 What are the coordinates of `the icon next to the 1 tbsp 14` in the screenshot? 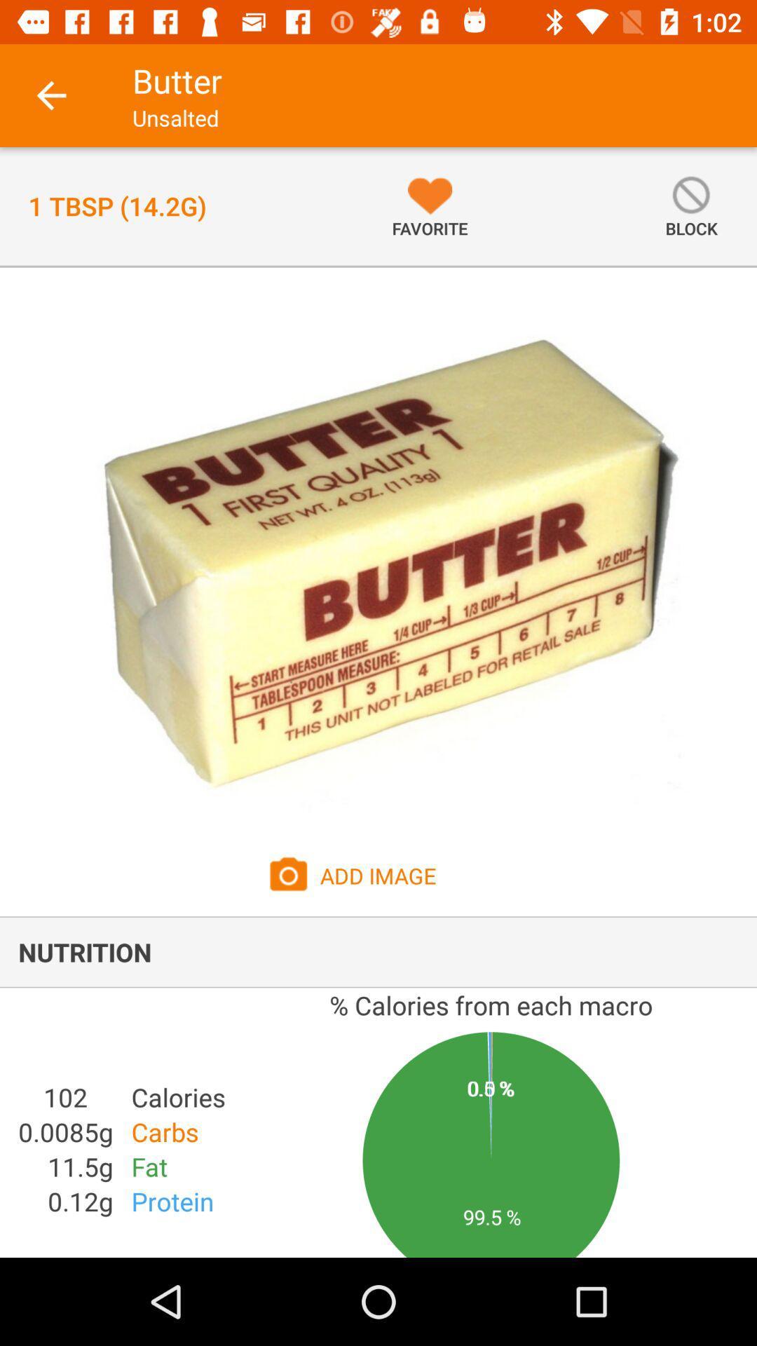 It's located at (429, 205).